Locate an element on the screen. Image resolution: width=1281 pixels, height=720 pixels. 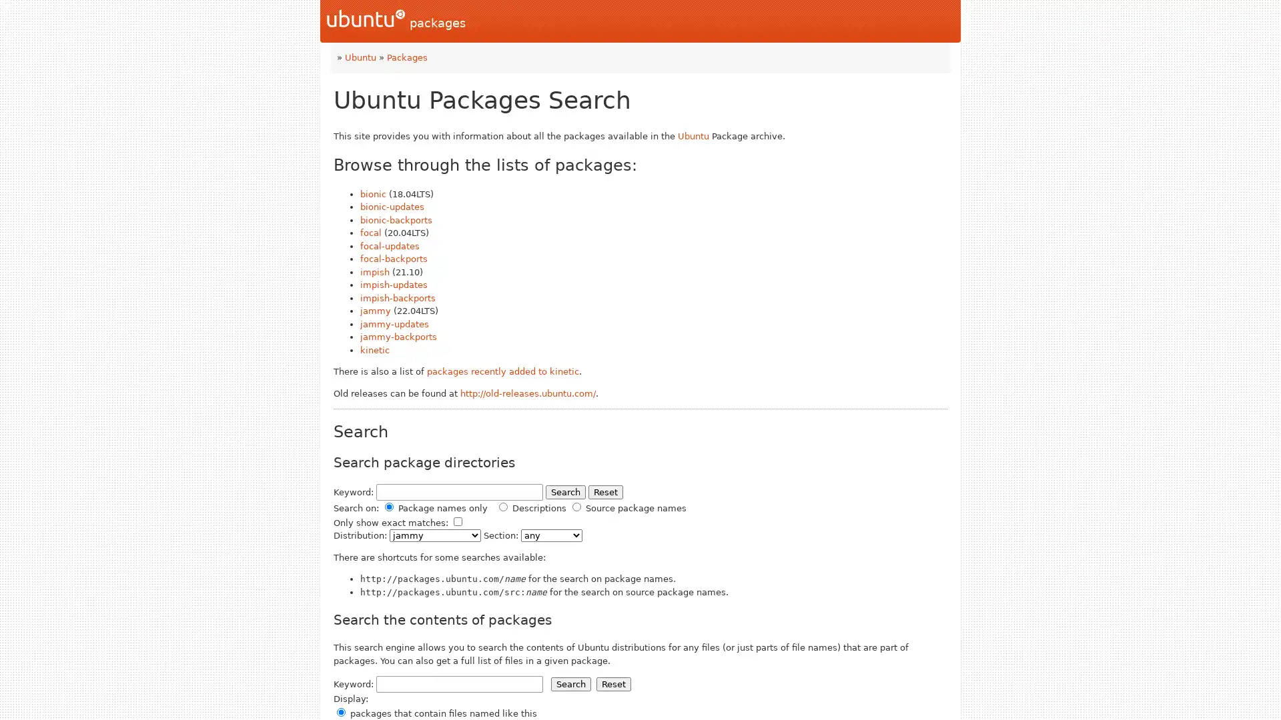
Reset is located at coordinates (613, 684).